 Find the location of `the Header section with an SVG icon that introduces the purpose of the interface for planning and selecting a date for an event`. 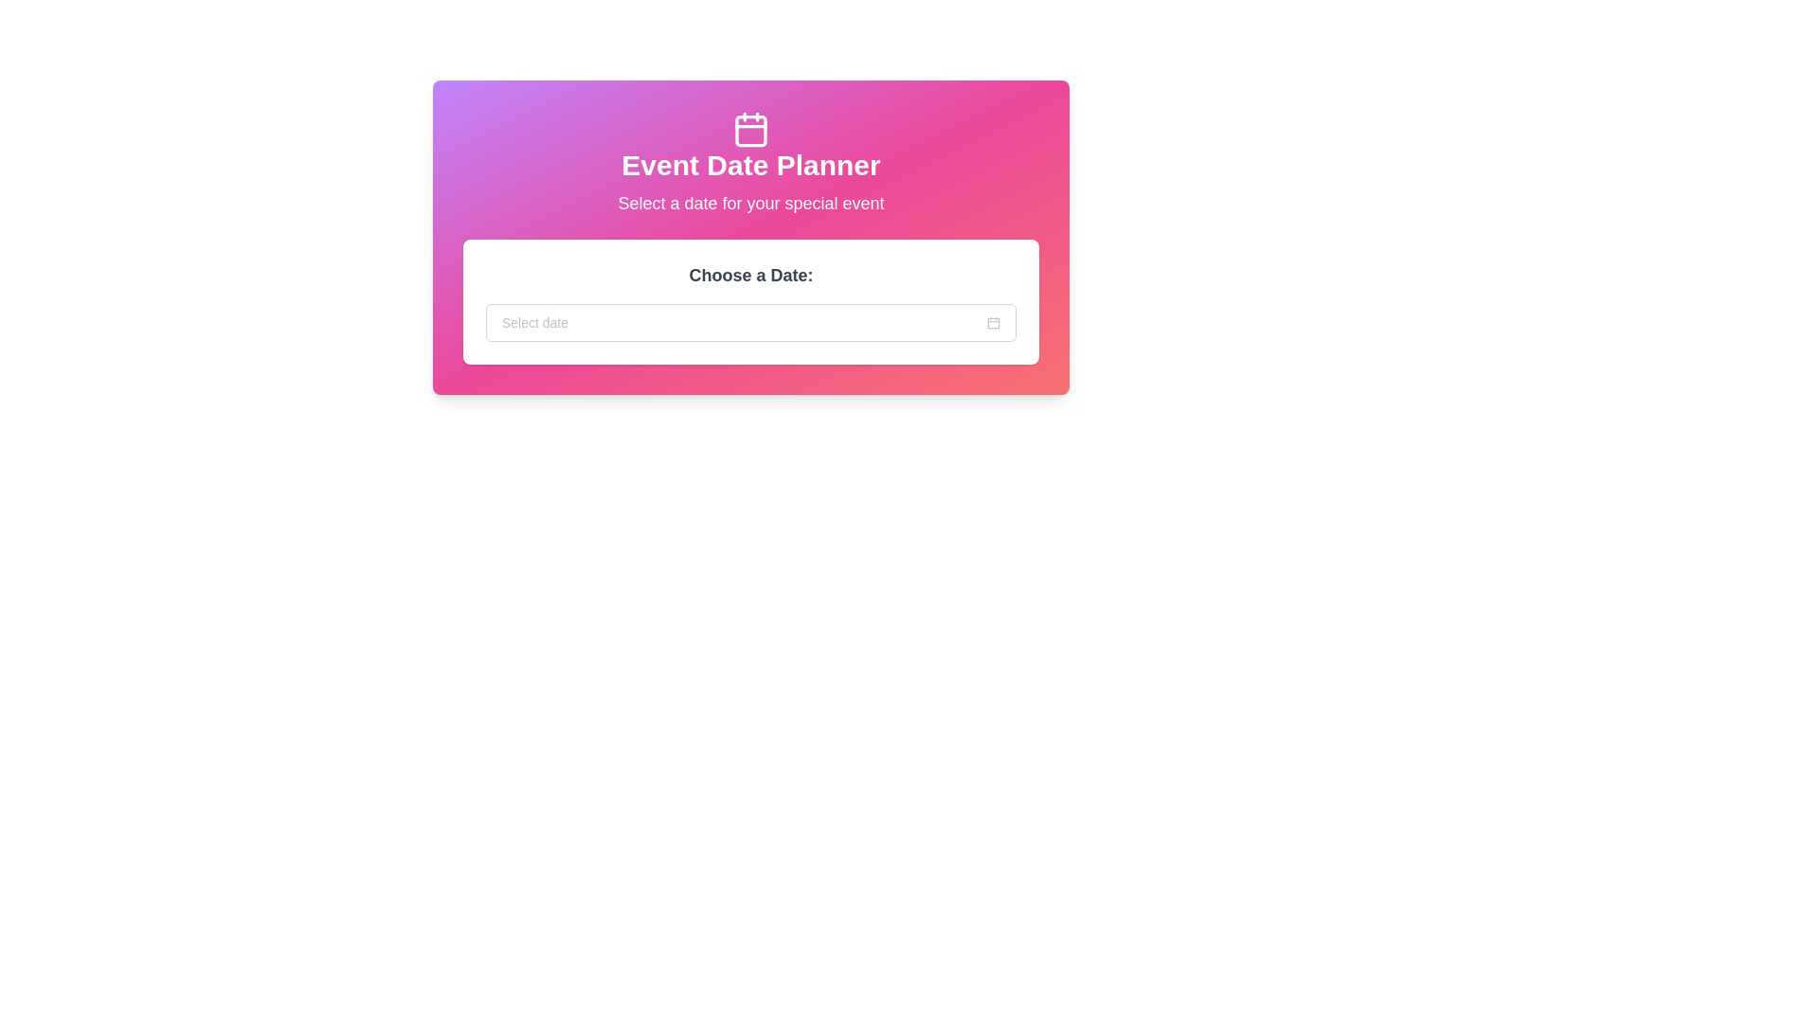

the Header section with an SVG icon that introduces the purpose of the interface for planning and selecting a date for an event is located at coordinates (749, 163).